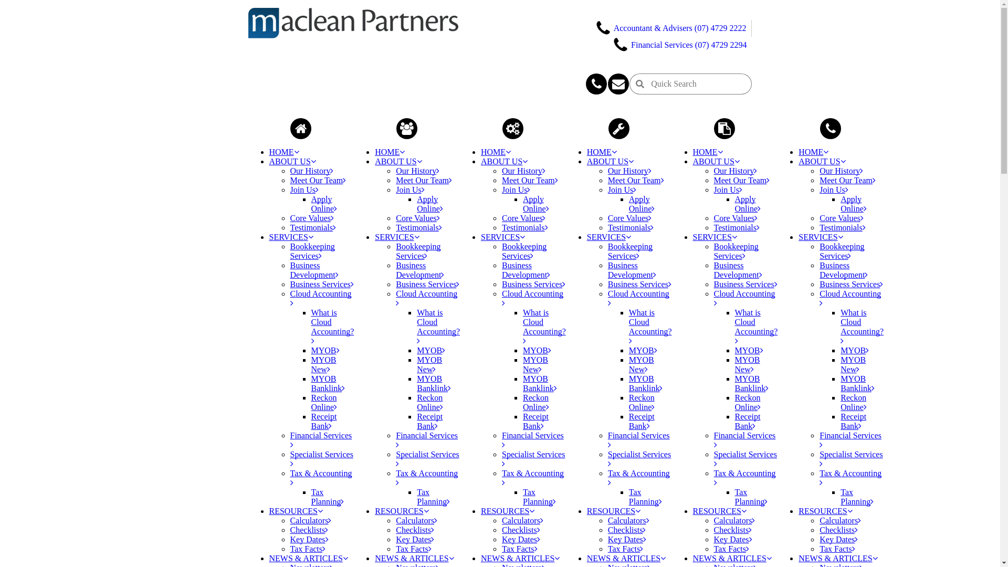 The image size is (1008, 567). Describe the element at coordinates (501, 180) in the screenshot. I see `'Meet Our Team'` at that location.